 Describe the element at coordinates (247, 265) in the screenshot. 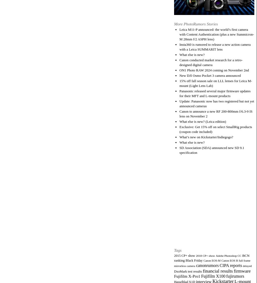

I see `'delayed'` at that location.